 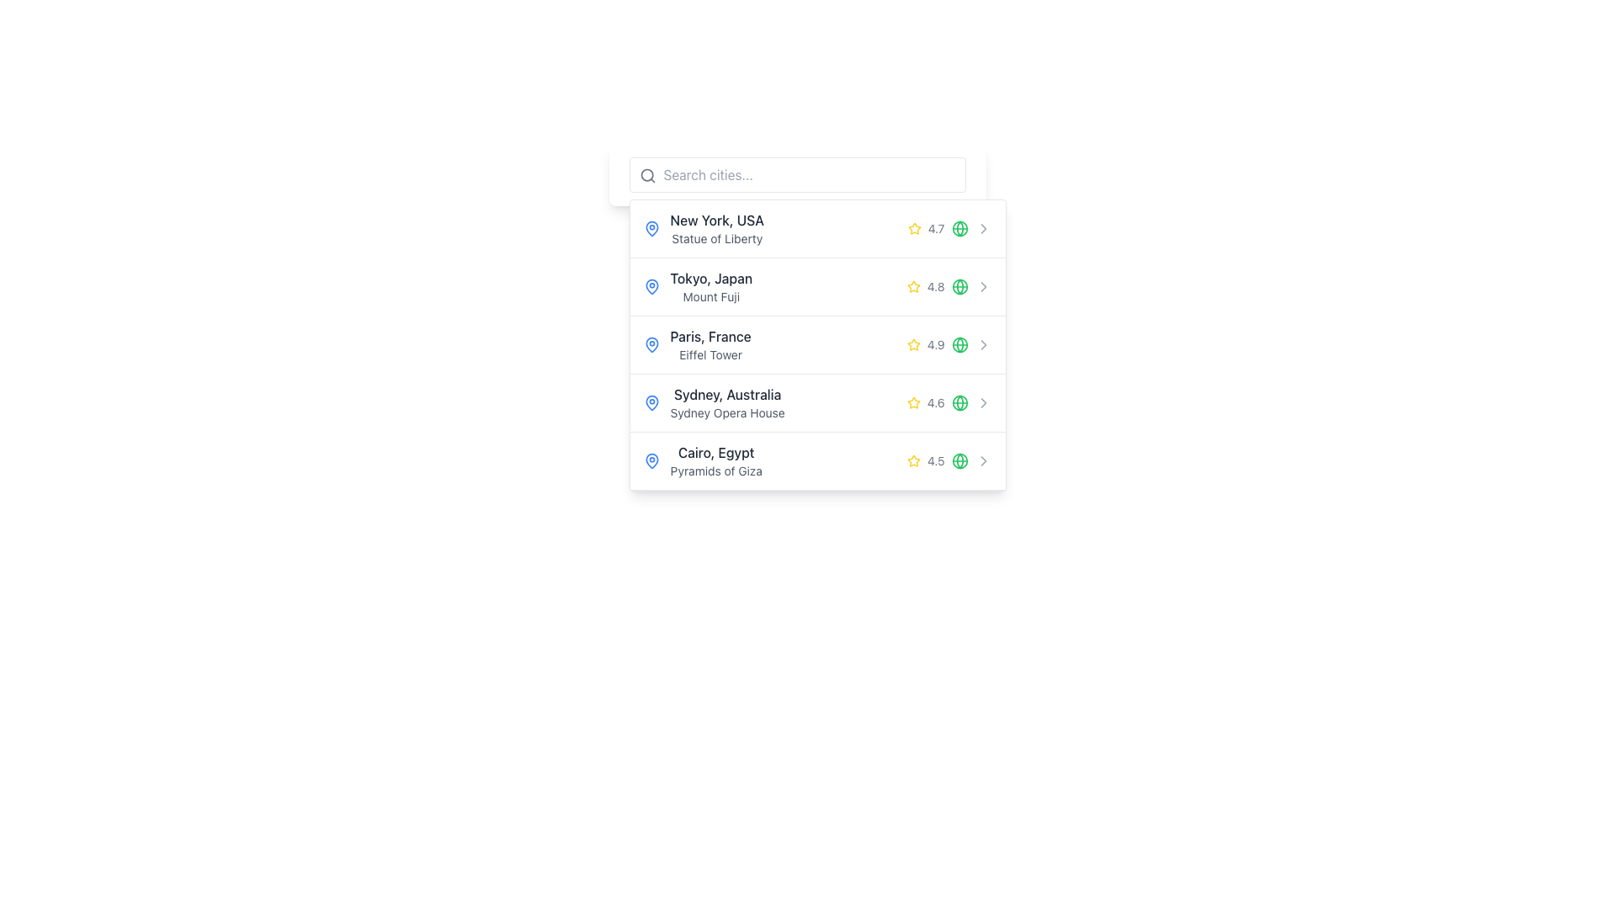 What do you see at coordinates (651, 229) in the screenshot?
I see `the stylized blue map pin icon for 'New York, USA' in the dropdown menu, which is the first element in the list` at bounding box center [651, 229].